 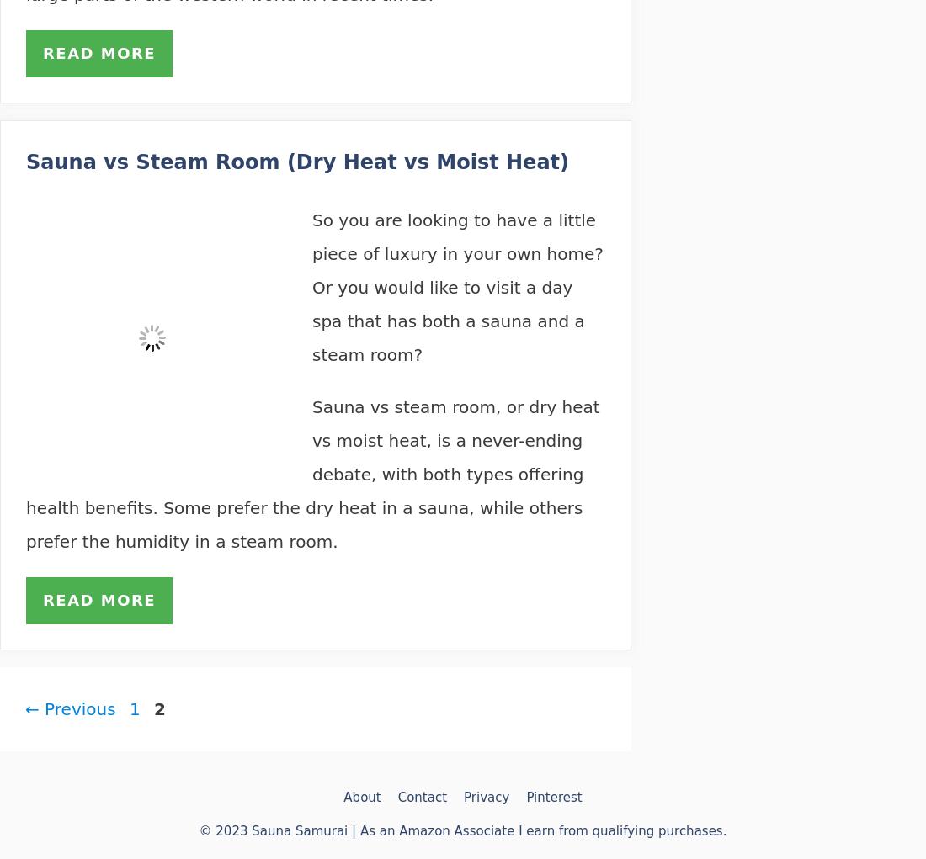 I want to click on '© 2023 Sauna Samurai | As an Amazon Associate I earn from qualifying purchases.', so click(x=462, y=831).